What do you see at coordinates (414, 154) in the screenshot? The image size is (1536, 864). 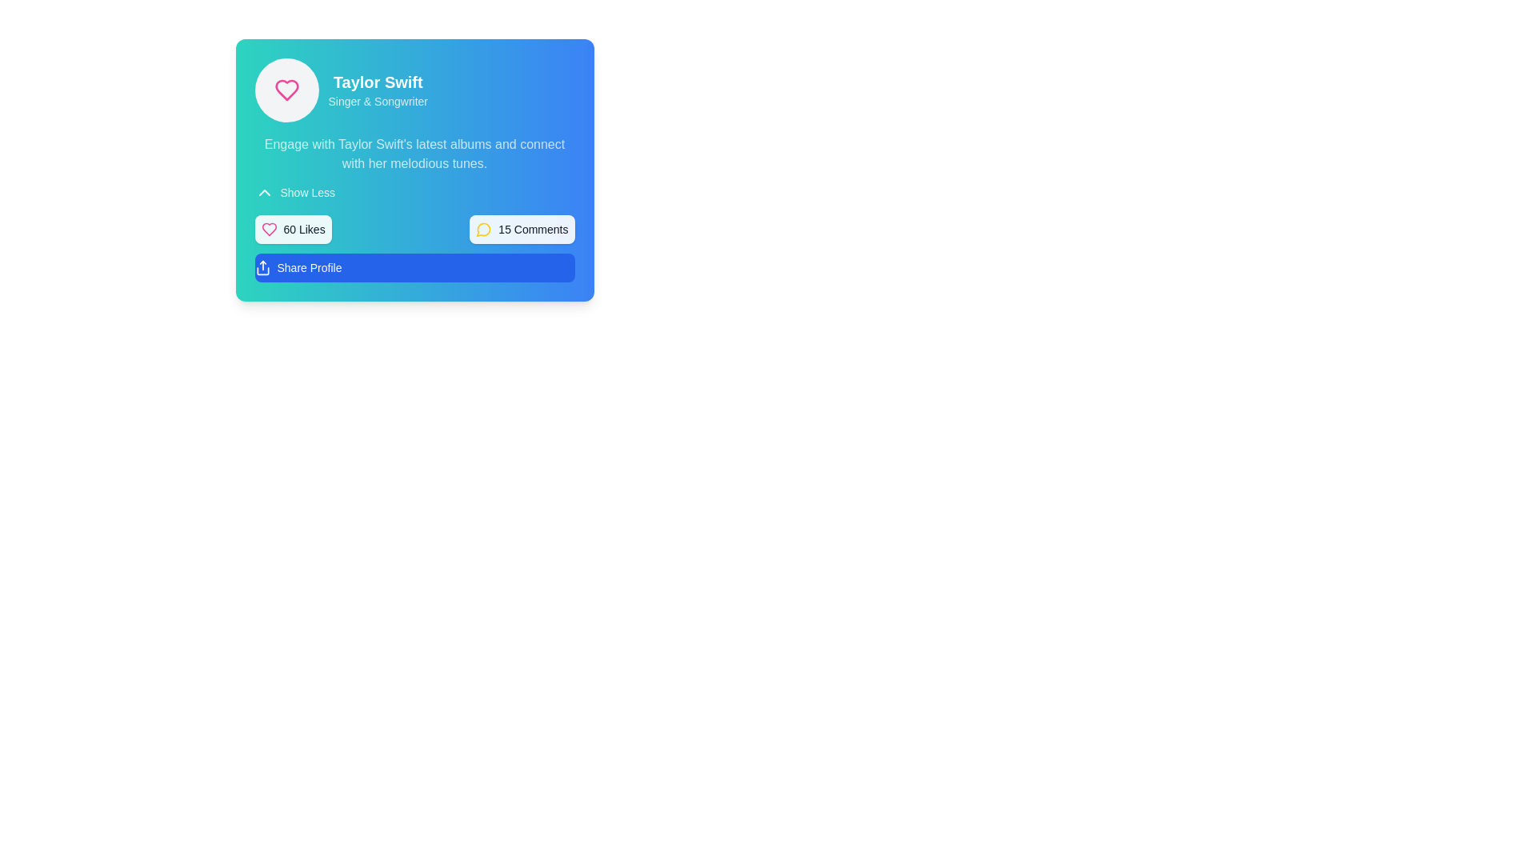 I see `the Text Paragraph element containing the text 'Engage with Taylor Swift's latest albums and connect with her melodious tunes.', located below the title 'Taylor Swift' and above the 'Show Less' button` at bounding box center [414, 154].